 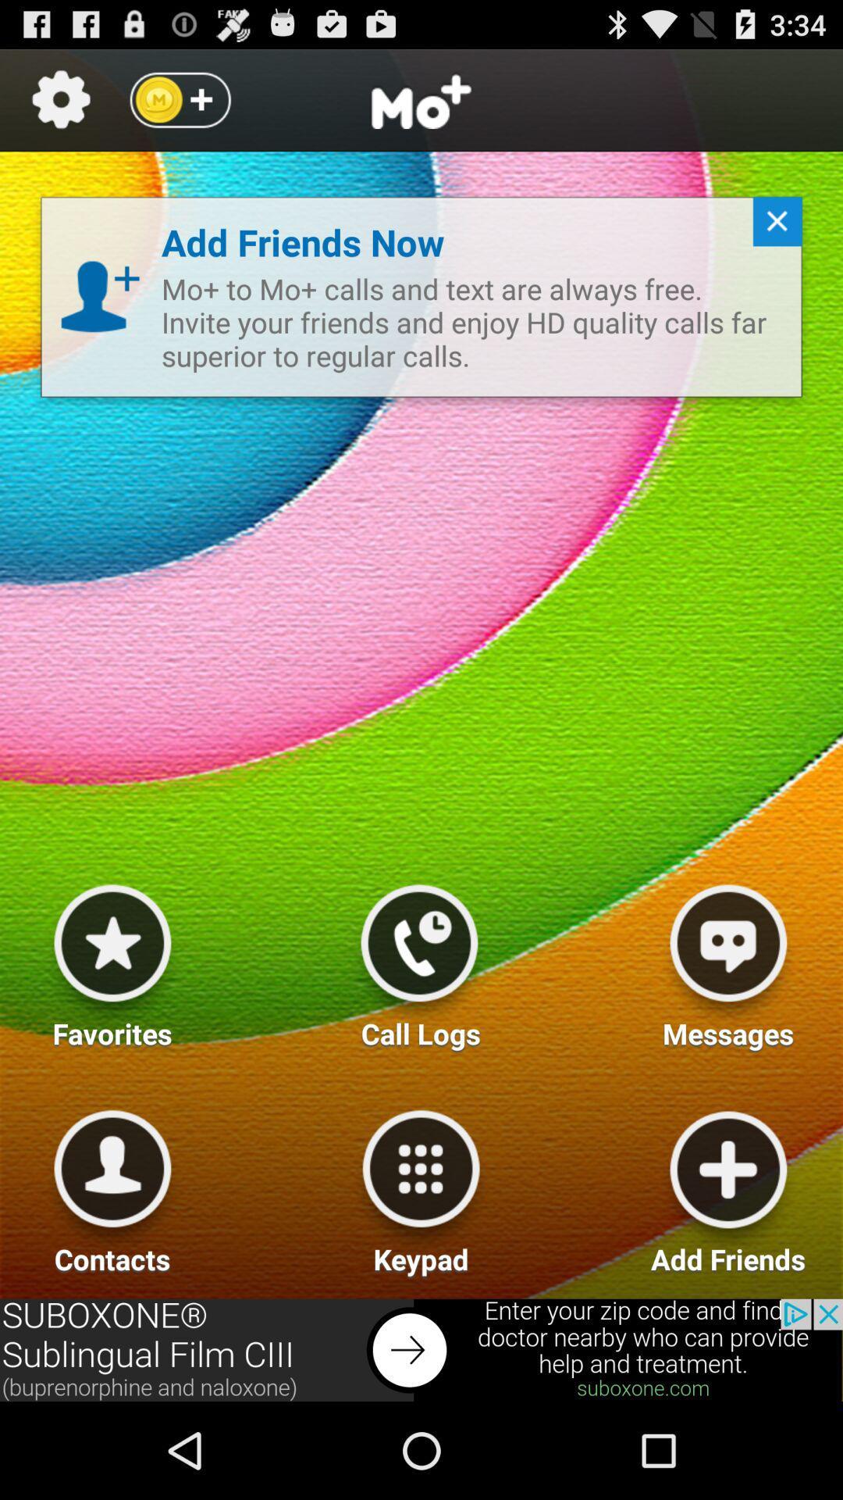 I want to click on this tab, so click(x=770, y=227).